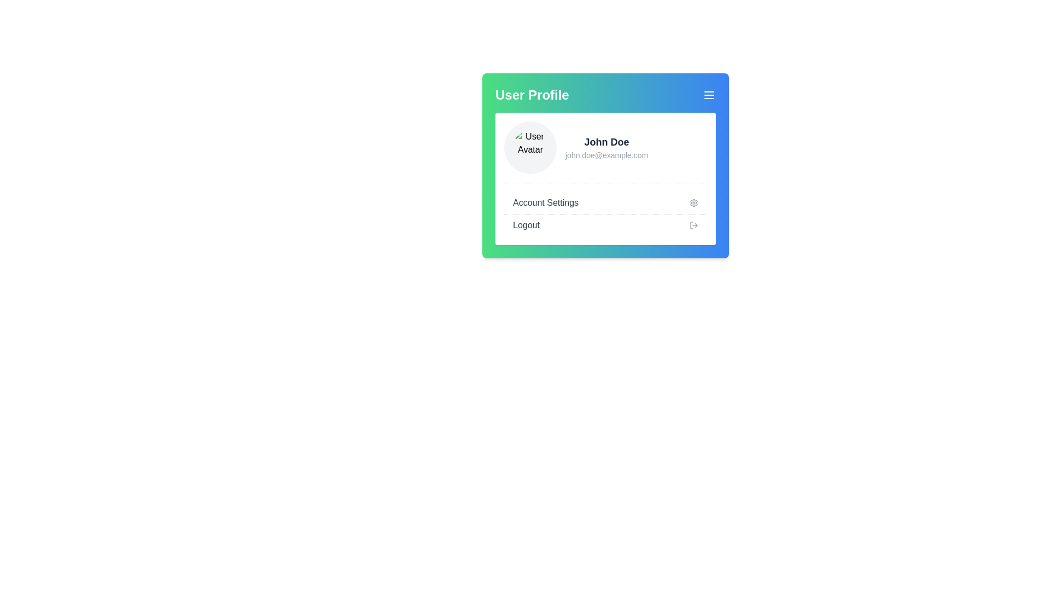  What do you see at coordinates (709, 94) in the screenshot?
I see `the Menu icon button, which consists of three horizontally aligned white lines located` at bounding box center [709, 94].